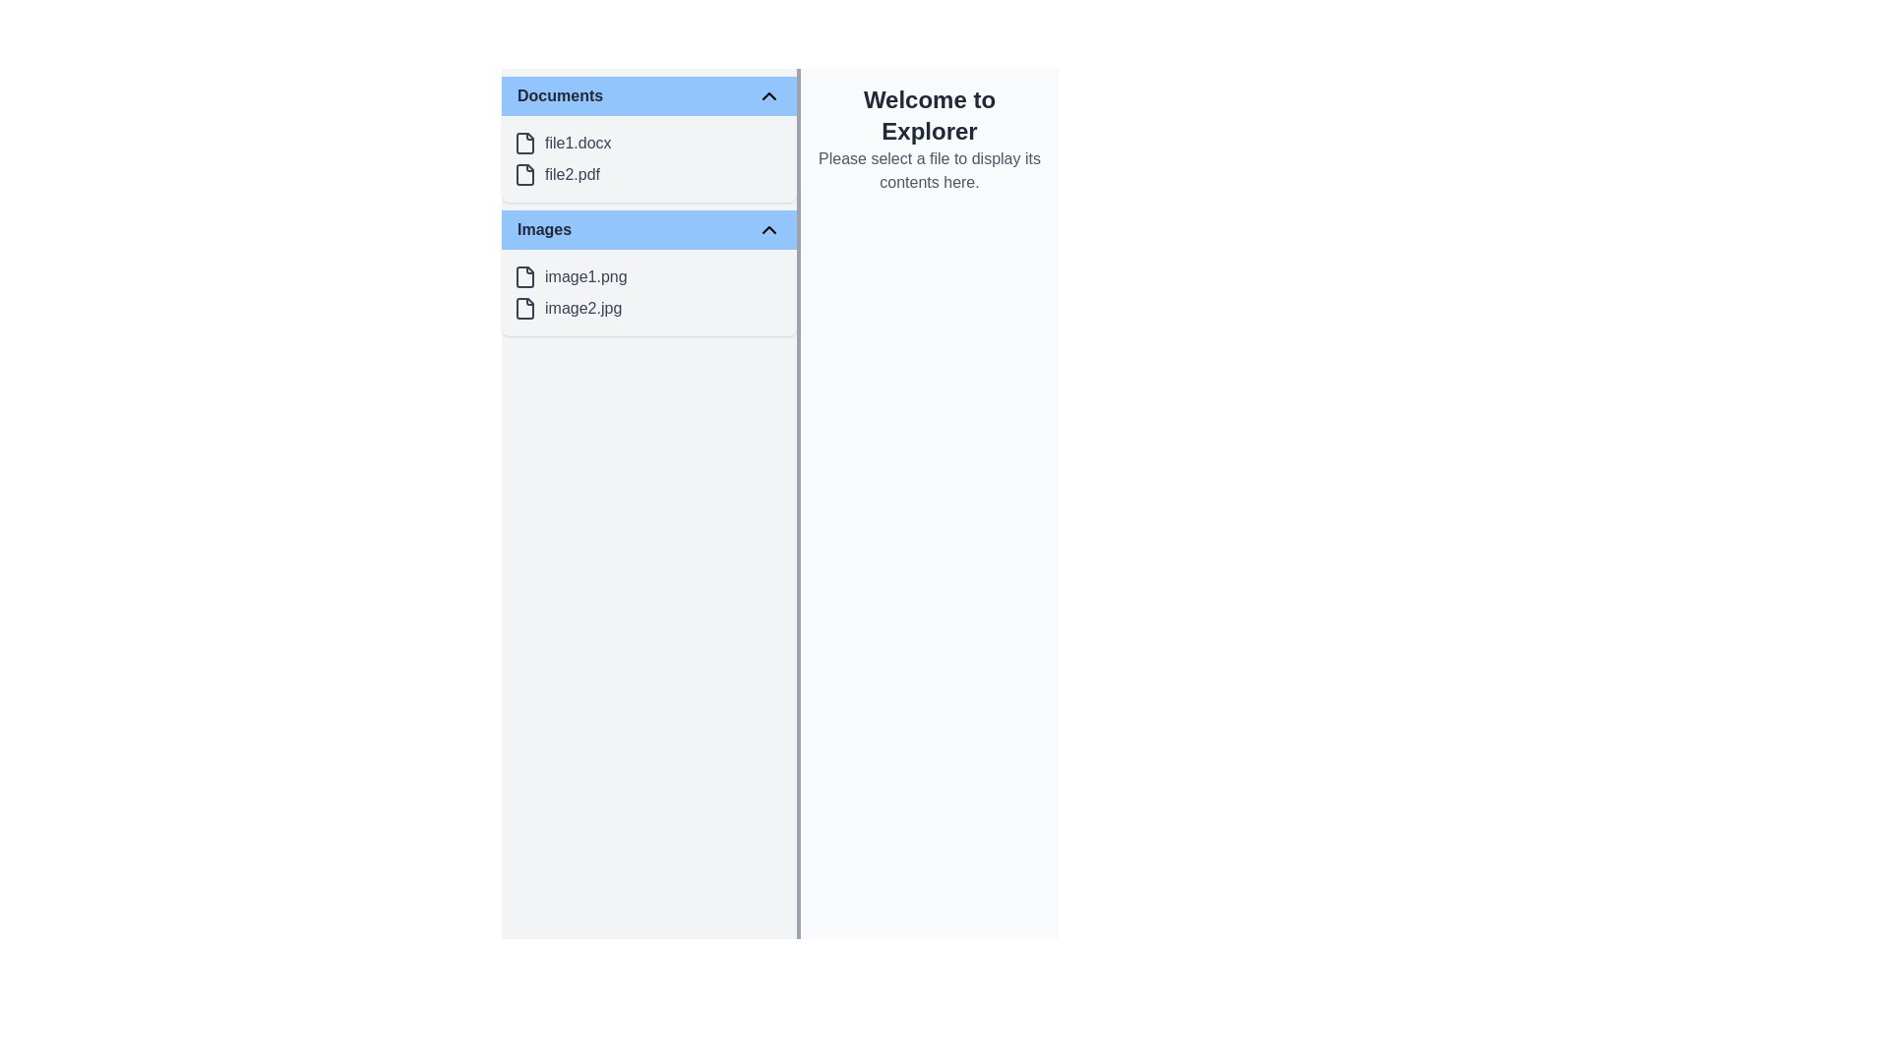  Describe the element at coordinates (768, 229) in the screenshot. I see `the chevron icon button located to the right of the 'Images' text in the header section of the 'Images' folder block` at that location.